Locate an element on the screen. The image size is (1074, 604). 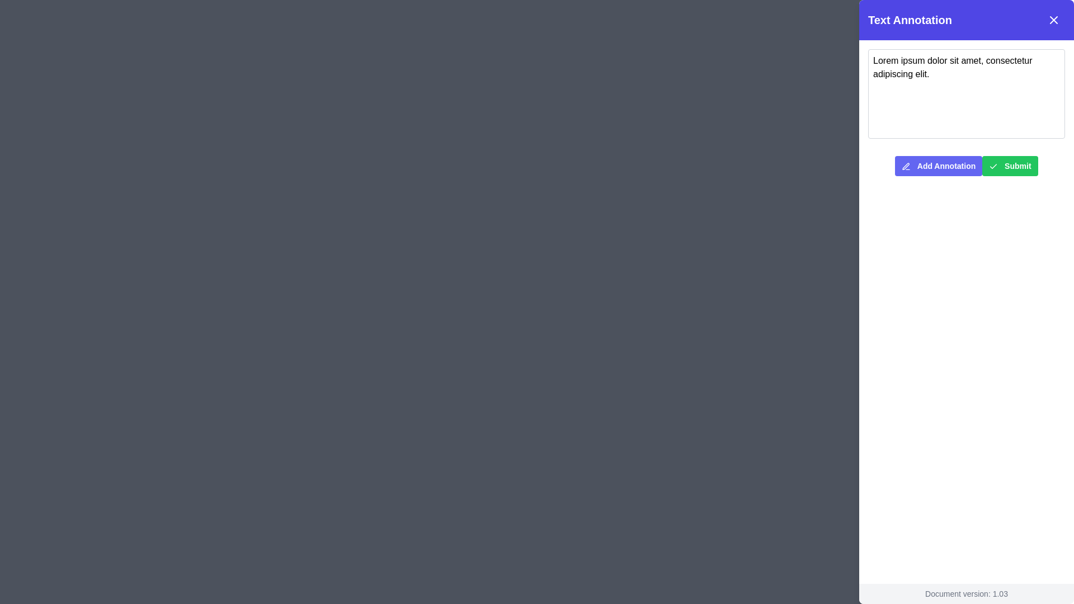
the rightmost button used is located at coordinates (1010, 166).